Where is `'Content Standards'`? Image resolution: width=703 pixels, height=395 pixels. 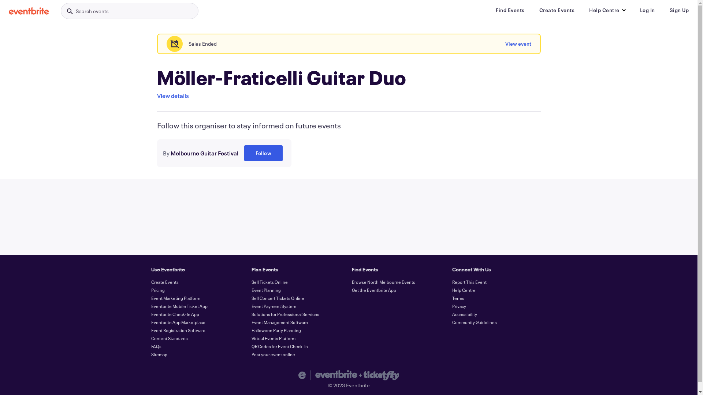
'Content Standards' is located at coordinates (150, 338).